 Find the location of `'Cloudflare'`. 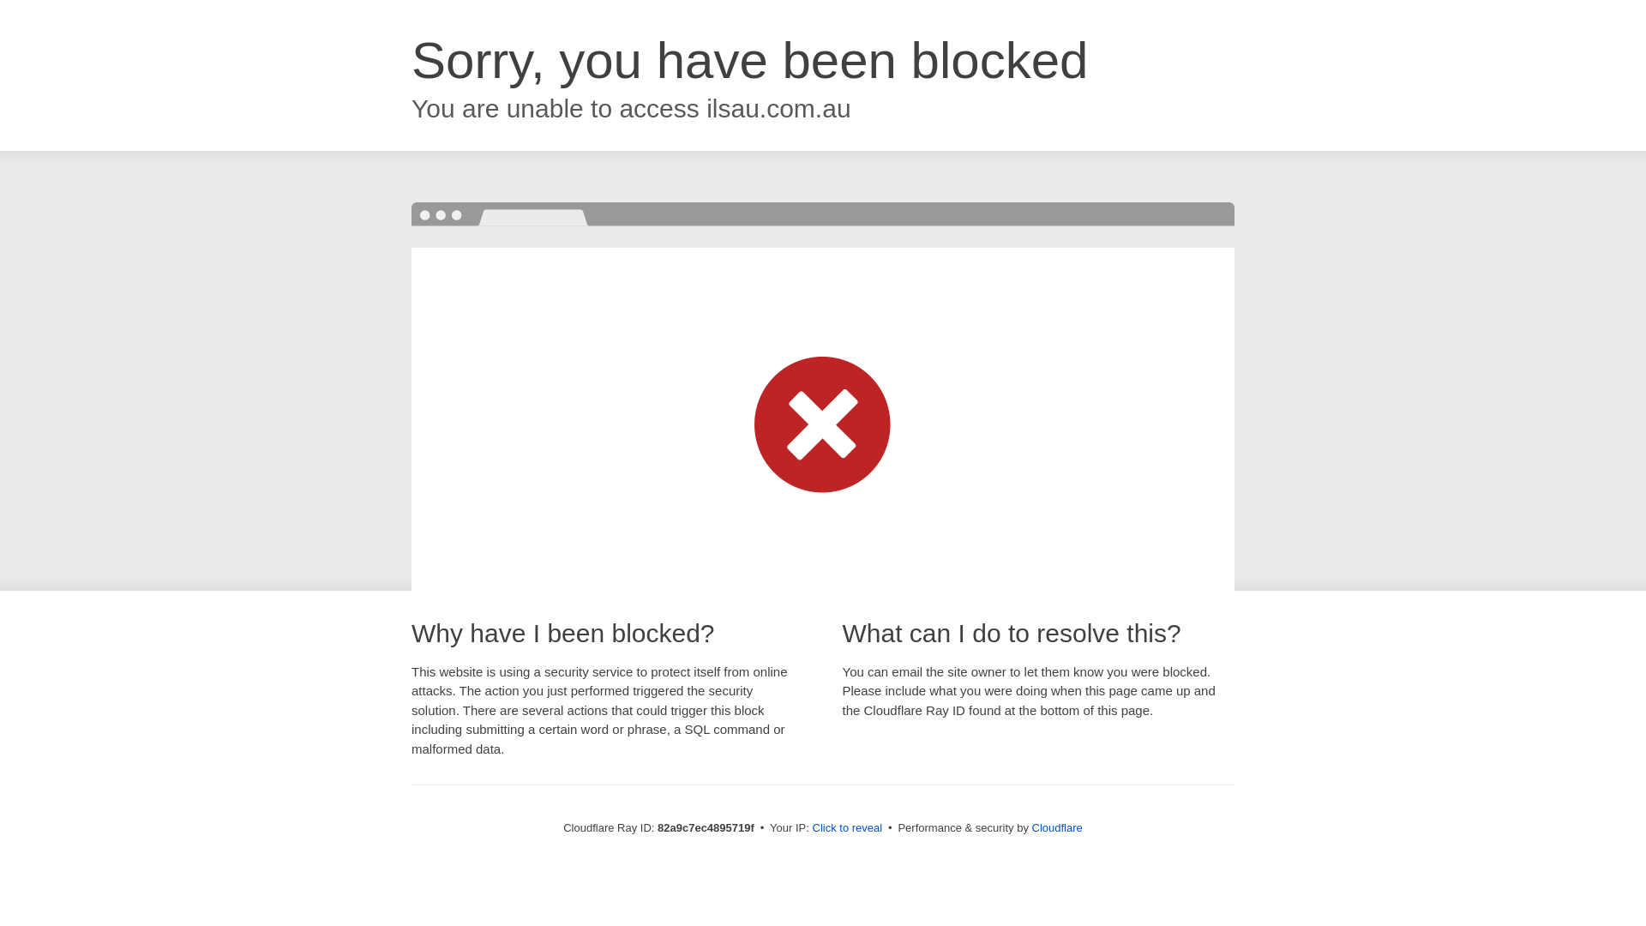

'Cloudflare' is located at coordinates (1031, 827).